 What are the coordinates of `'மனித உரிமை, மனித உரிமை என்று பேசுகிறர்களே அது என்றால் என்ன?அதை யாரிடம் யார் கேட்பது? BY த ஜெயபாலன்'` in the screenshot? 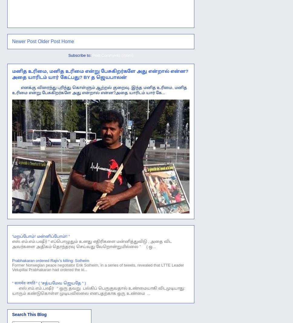 It's located at (100, 74).